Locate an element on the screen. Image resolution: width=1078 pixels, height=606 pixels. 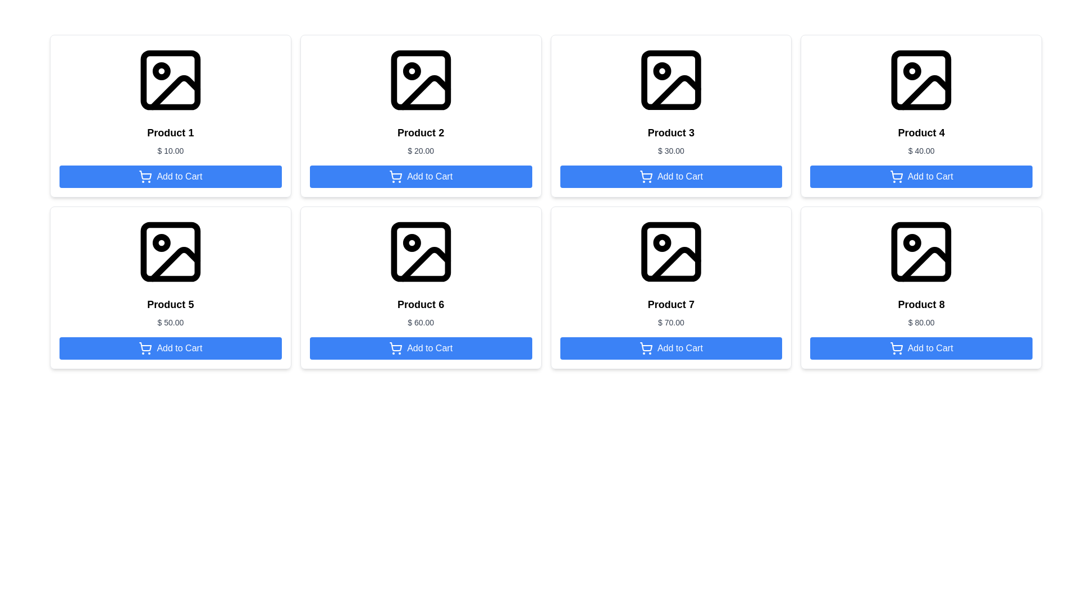
the blue 'Add to Cart' button with white text and a shopping cart icon, located at the bottom of the 'Product 4' card is located at coordinates (921, 177).